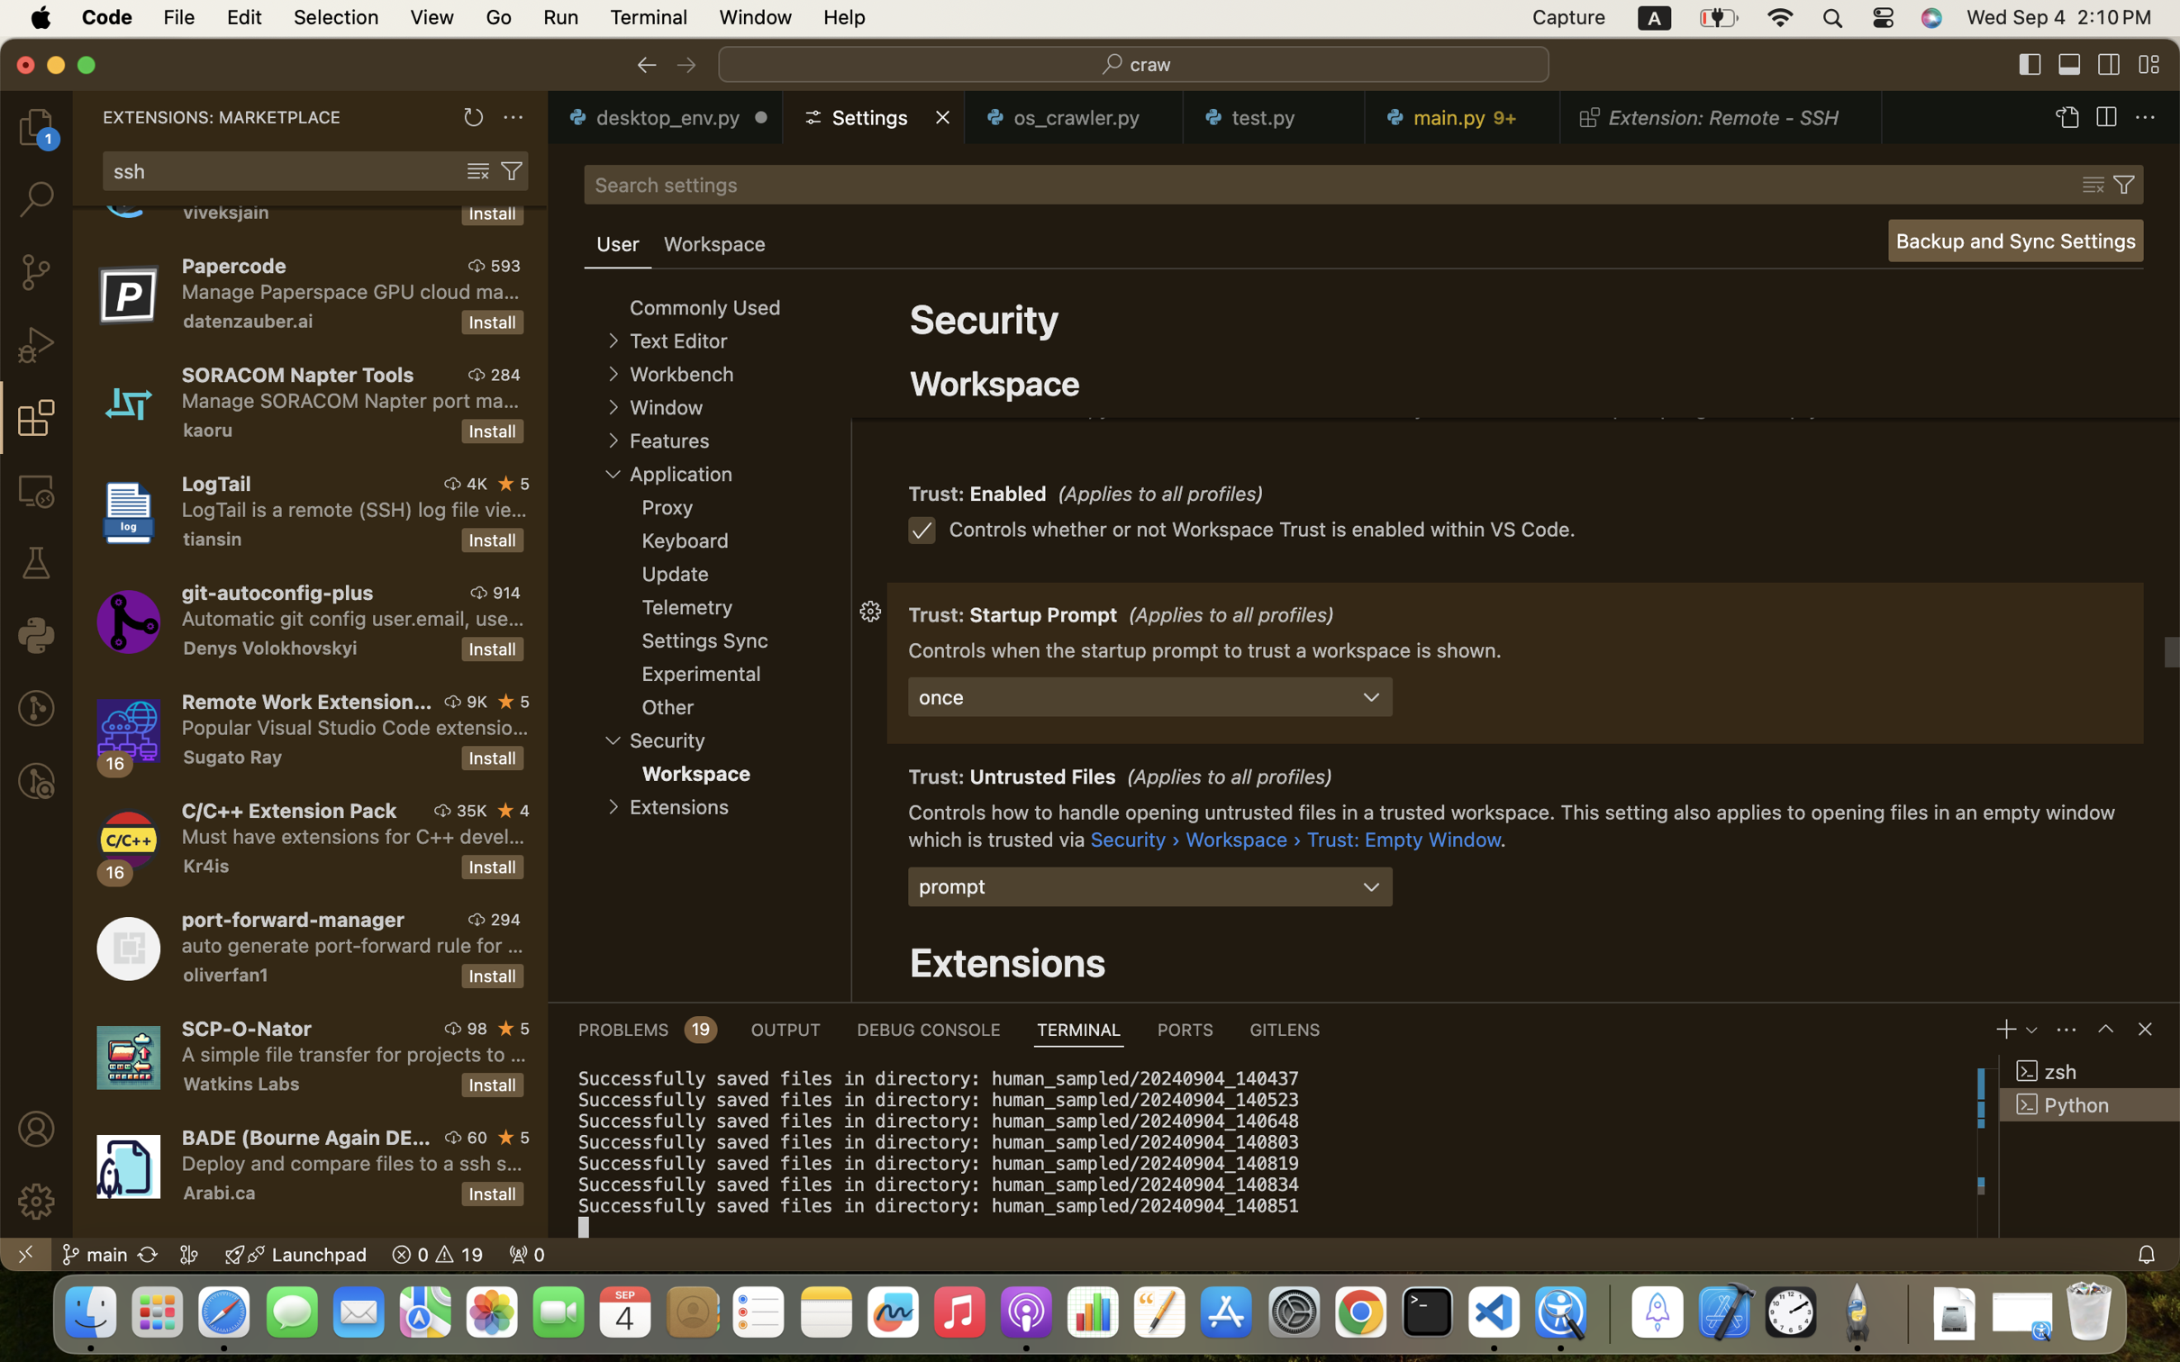 The height and width of the screenshot is (1362, 2180). Describe the element at coordinates (668, 706) in the screenshot. I see `'Other'` at that location.